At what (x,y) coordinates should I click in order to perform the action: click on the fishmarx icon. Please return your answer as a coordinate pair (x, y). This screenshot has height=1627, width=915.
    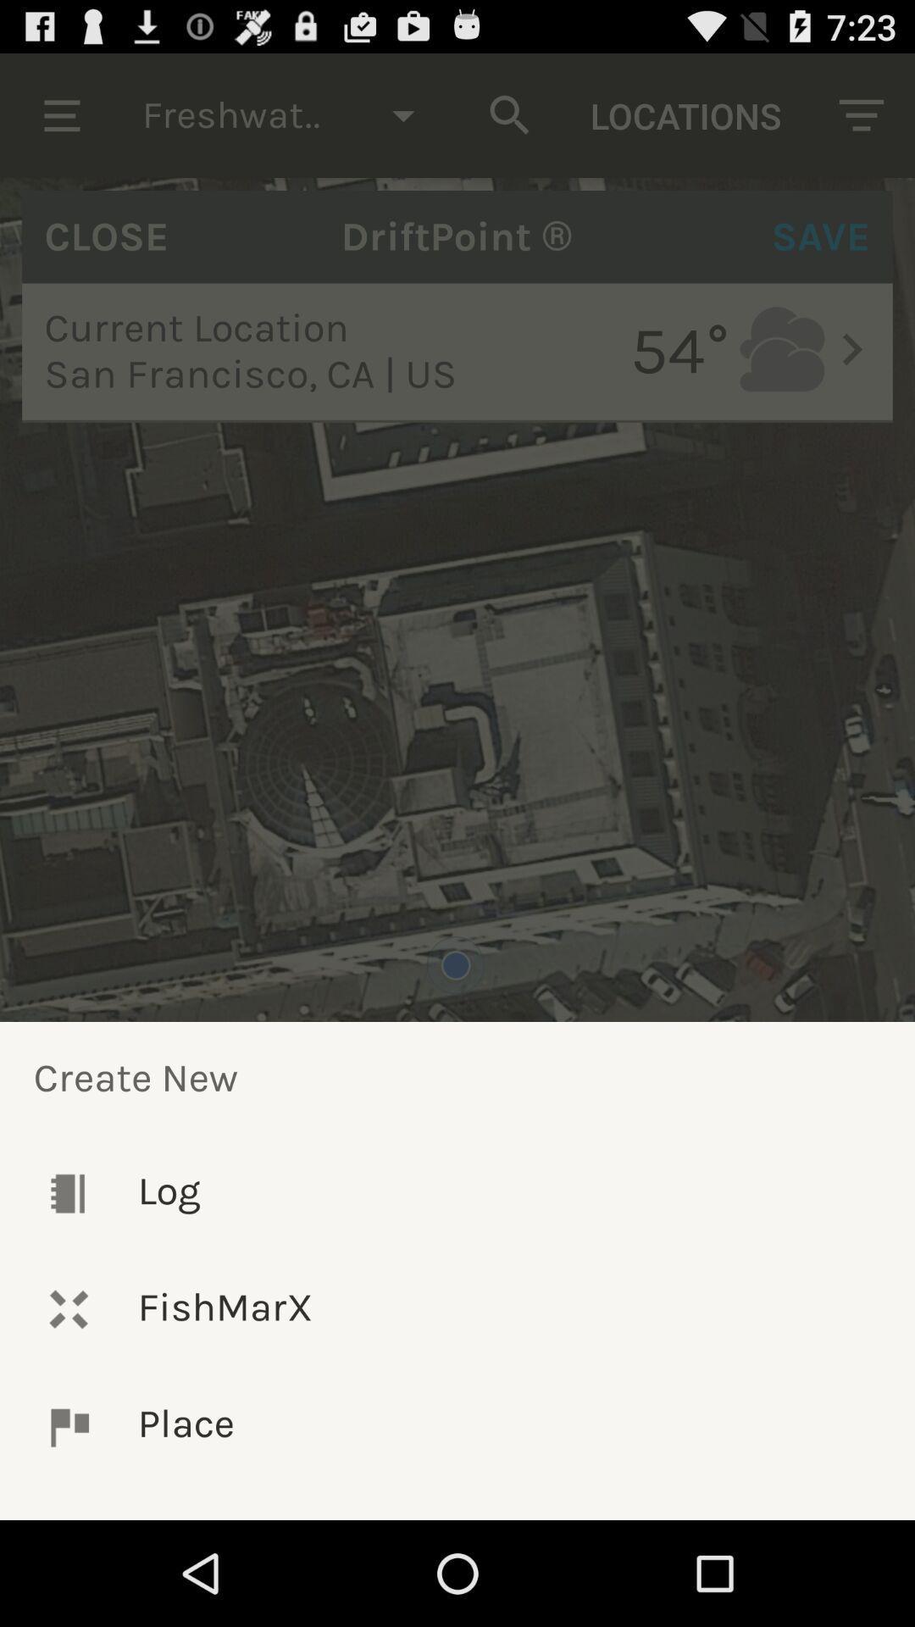
    Looking at the image, I should click on (457, 1308).